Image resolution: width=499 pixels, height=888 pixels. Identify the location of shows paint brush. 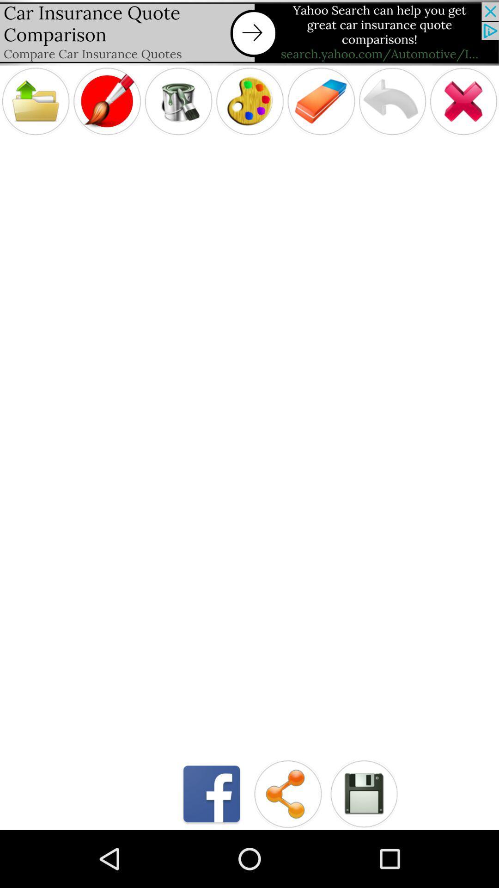
(106, 101).